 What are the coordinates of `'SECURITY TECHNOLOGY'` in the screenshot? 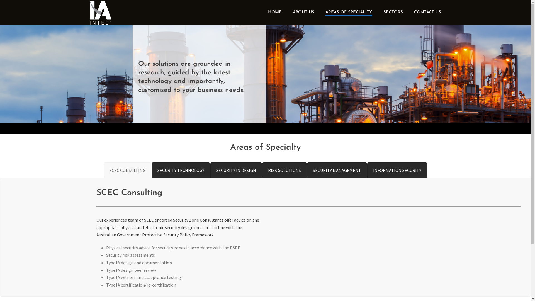 It's located at (151, 170).